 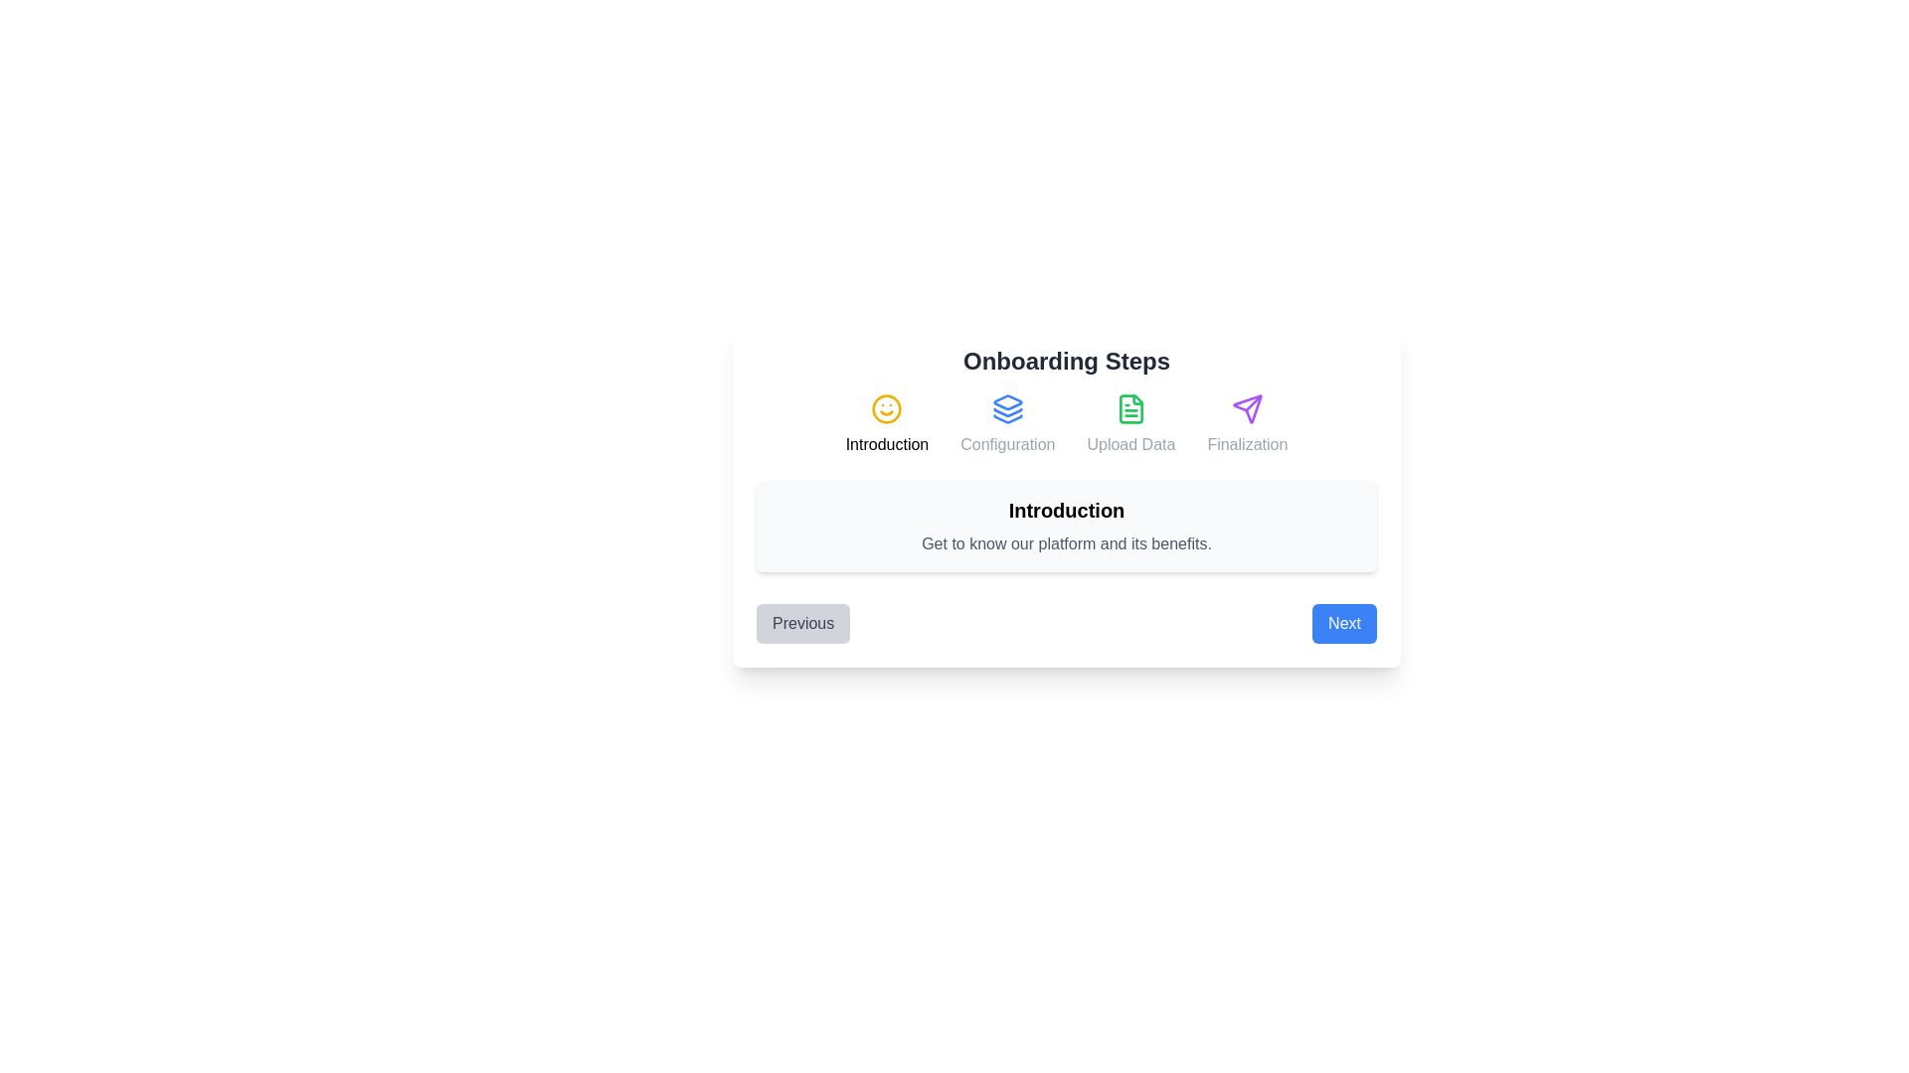 I want to click on the 'Upload Data' icon in the onboarding steps, which is the third item in the list positioned under the header 'Onboarding Steps', so click(x=1130, y=424).